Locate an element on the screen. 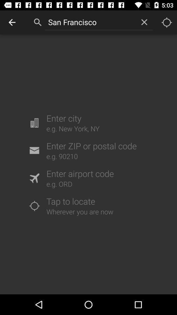 The image size is (177, 315). icon above enter city icon is located at coordinates (90, 22).